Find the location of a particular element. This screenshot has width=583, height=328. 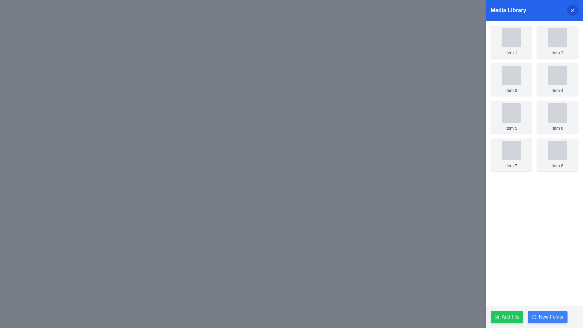

the card element located in the third row, first column of the media library grid layout, which serves as a selectable item for additional actions is located at coordinates (511, 117).